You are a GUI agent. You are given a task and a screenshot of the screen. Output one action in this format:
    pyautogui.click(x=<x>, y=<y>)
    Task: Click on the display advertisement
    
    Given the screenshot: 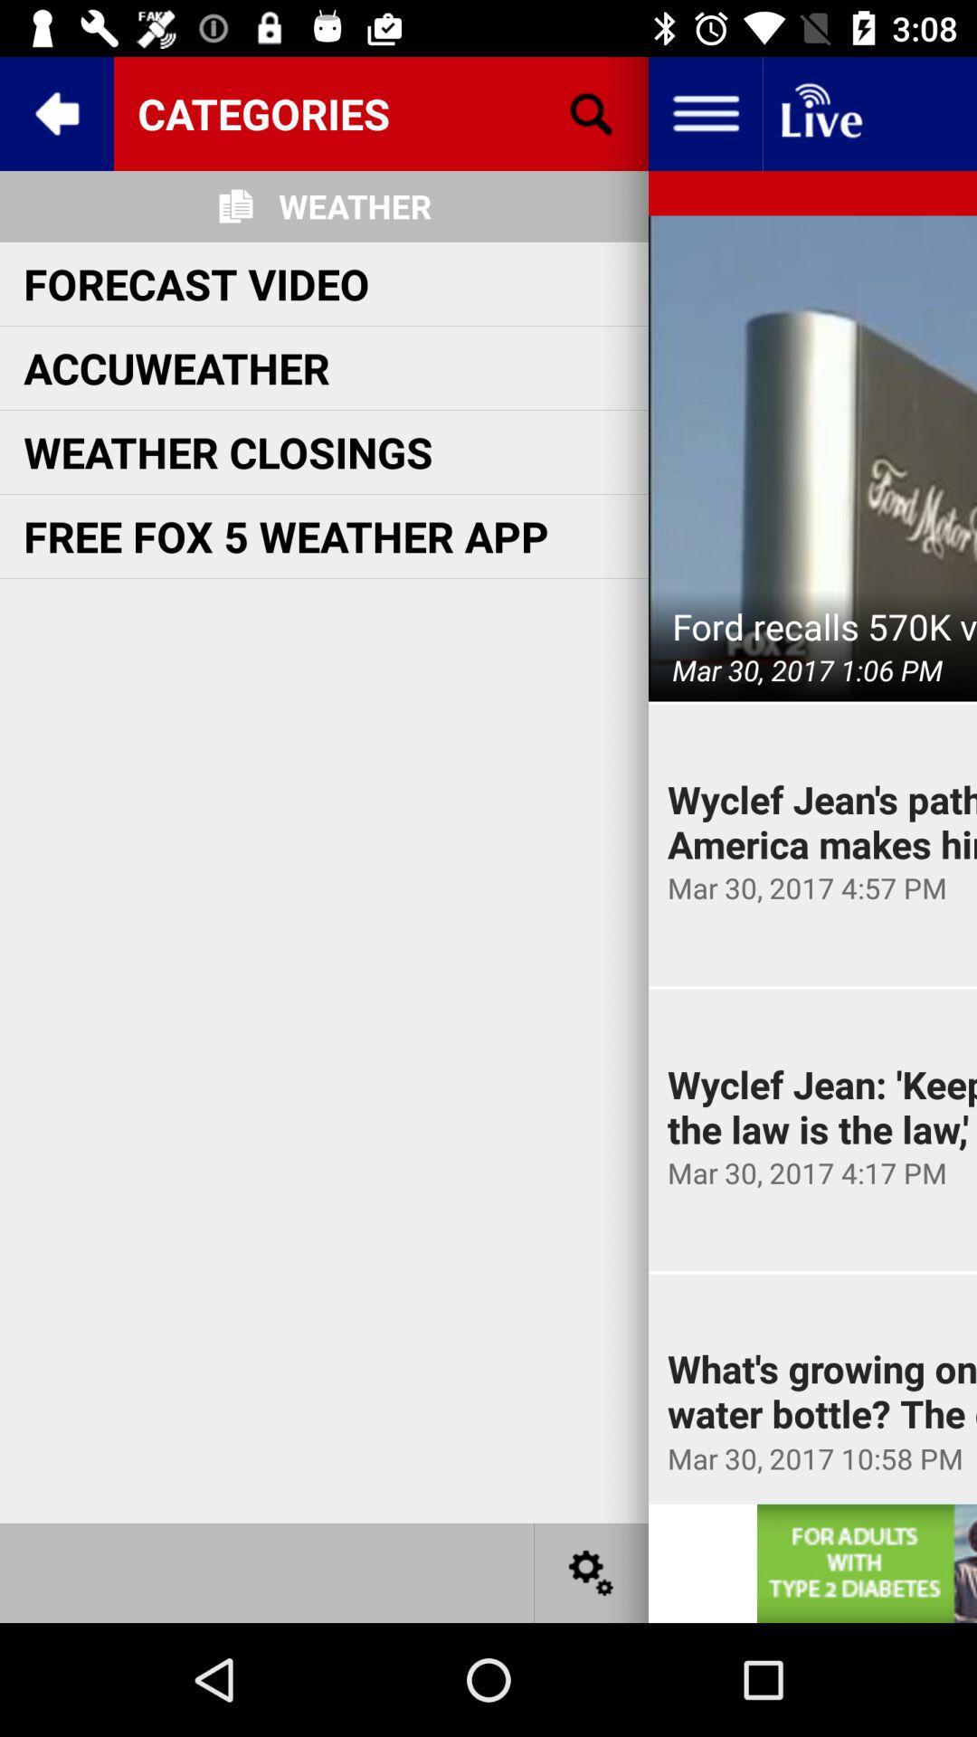 What is the action you would take?
    pyautogui.click(x=866, y=1562)
    